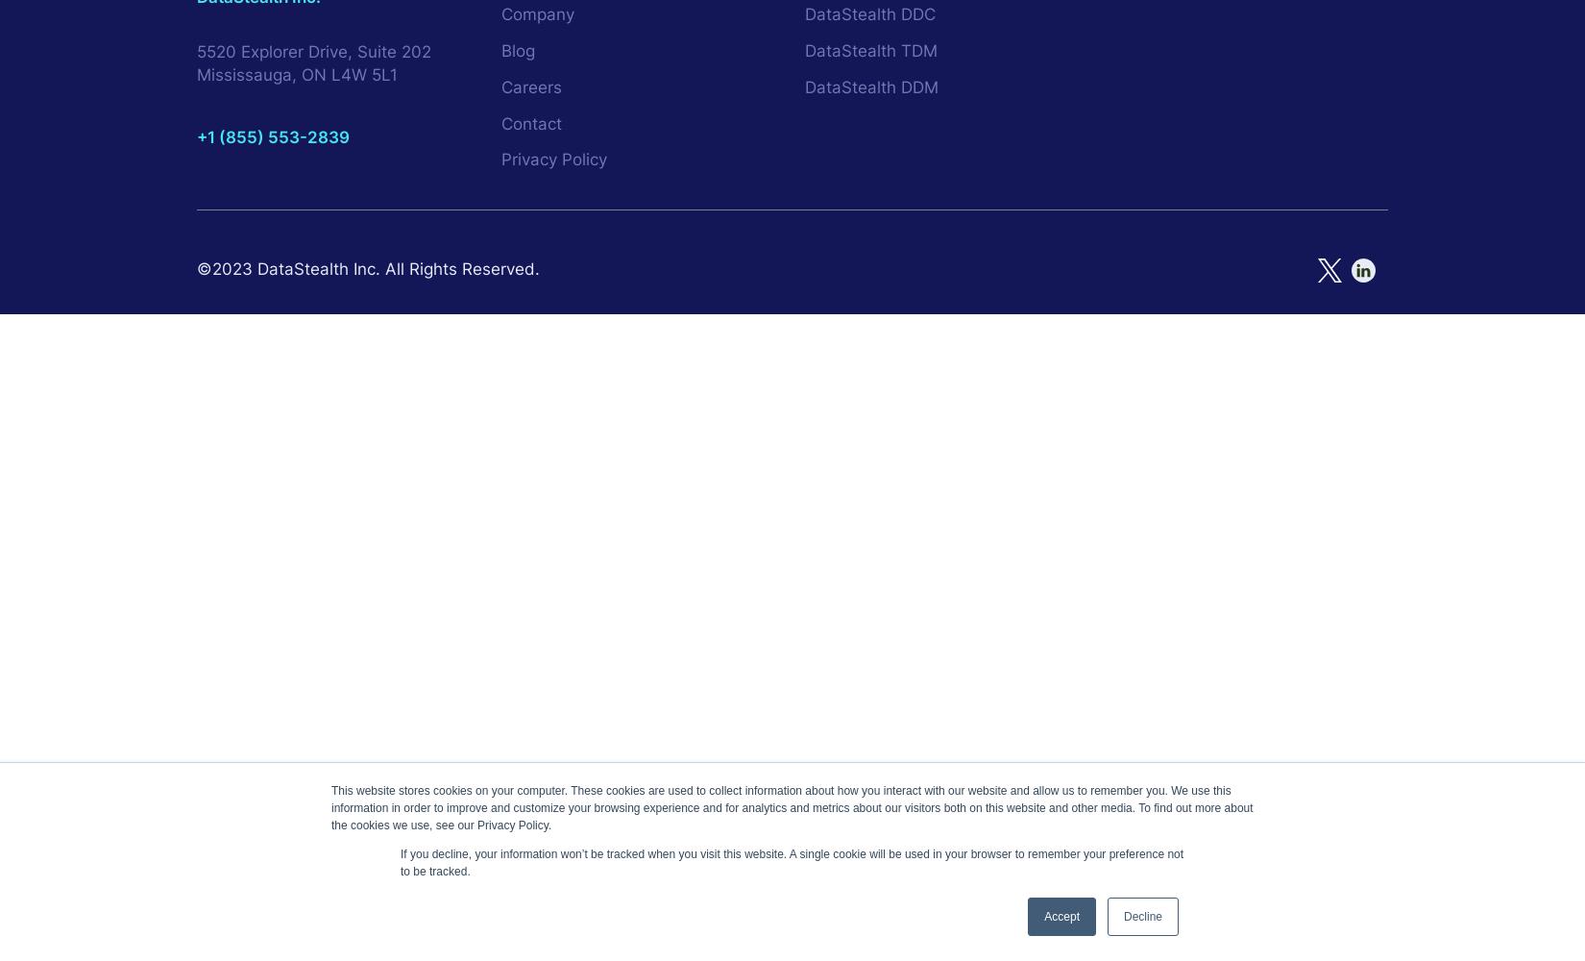 The height and width of the screenshot is (961, 1585). I want to click on 'Contact', so click(529, 123).